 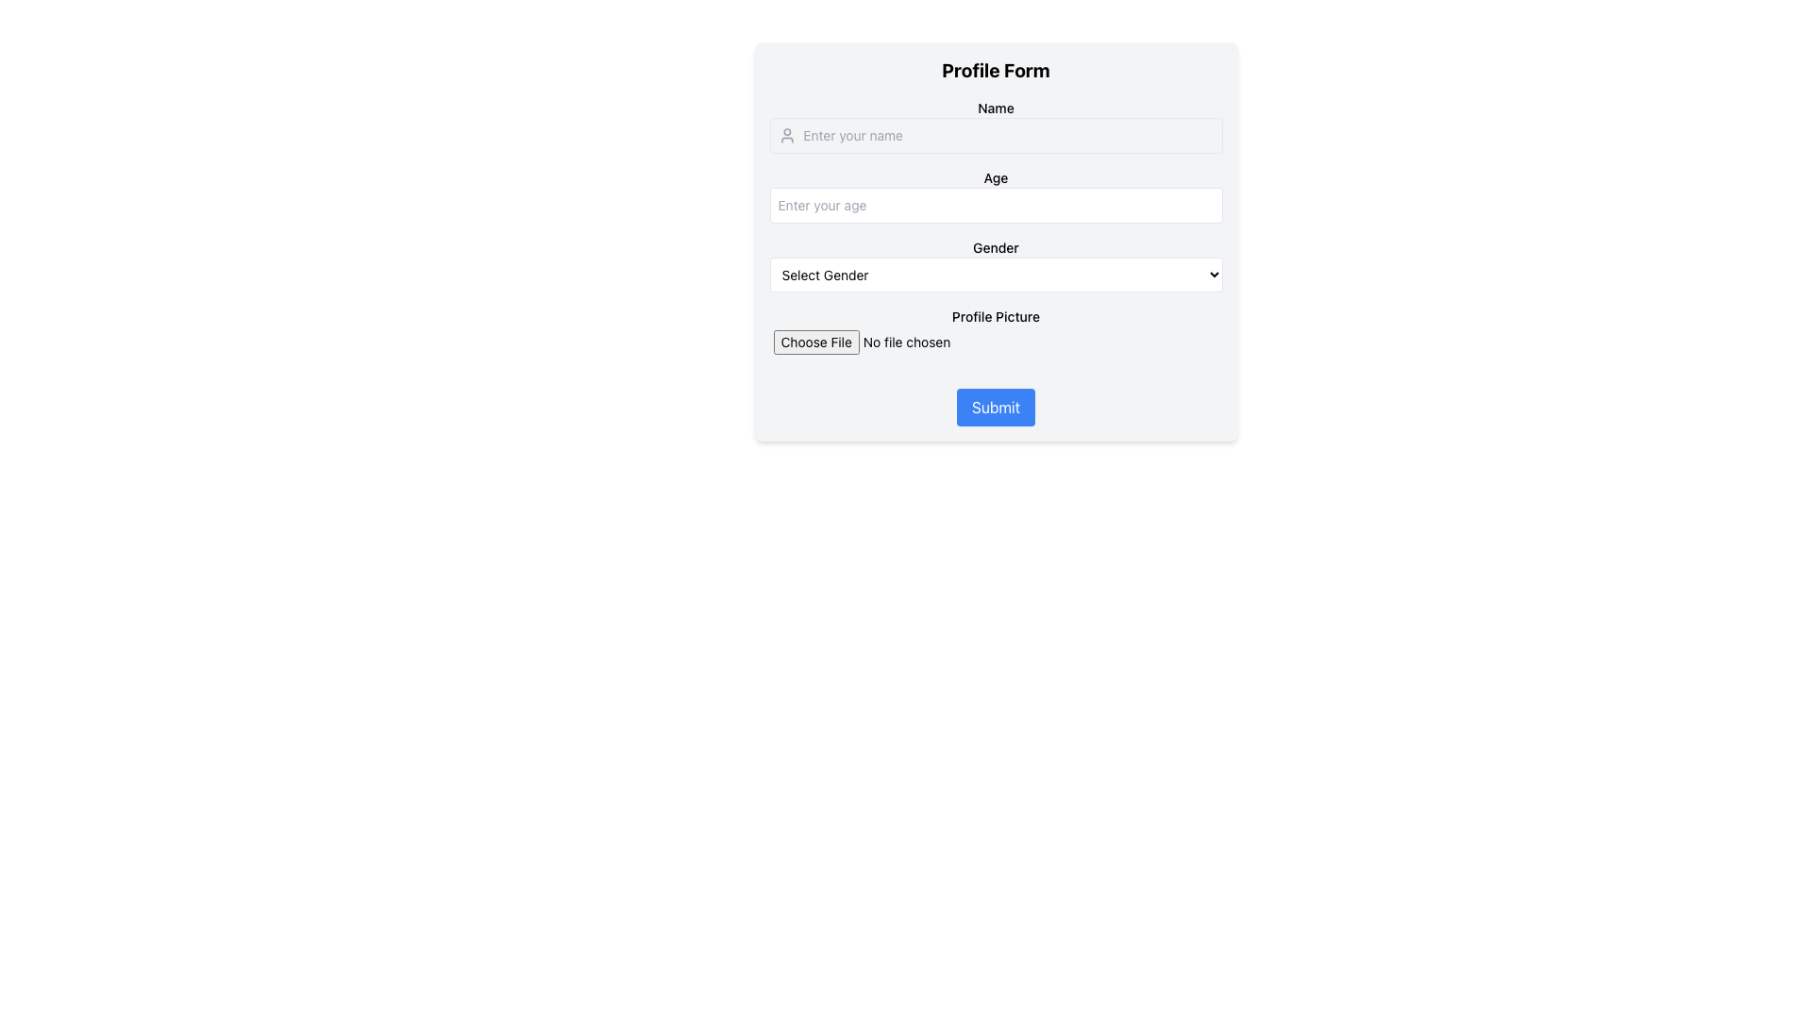 I want to click on the dropdown menu labeled 'Gender' in the 'Profile Form', so click(x=995, y=241).